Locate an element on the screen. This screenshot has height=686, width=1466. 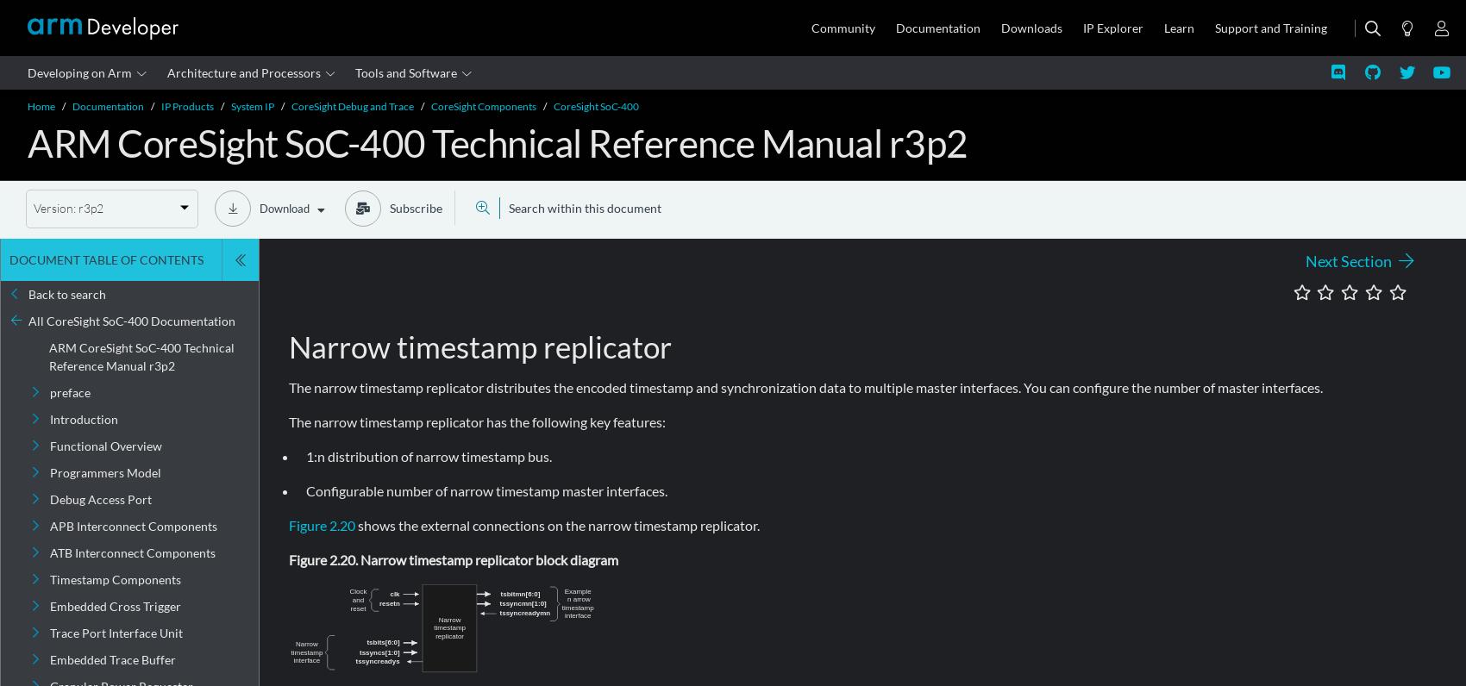
'1:n distribution of narrow timestamp bus.' is located at coordinates (429, 455).